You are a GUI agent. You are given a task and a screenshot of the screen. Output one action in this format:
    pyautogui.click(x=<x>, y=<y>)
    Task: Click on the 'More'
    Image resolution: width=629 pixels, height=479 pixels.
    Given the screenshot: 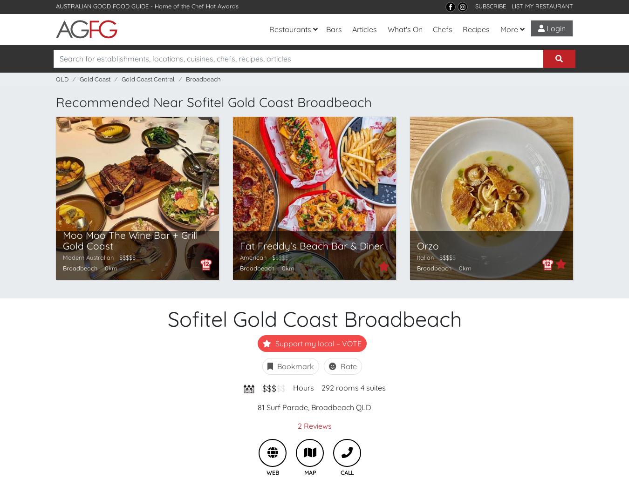 What is the action you would take?
    pyautogui.click(x=499, y=29)
    